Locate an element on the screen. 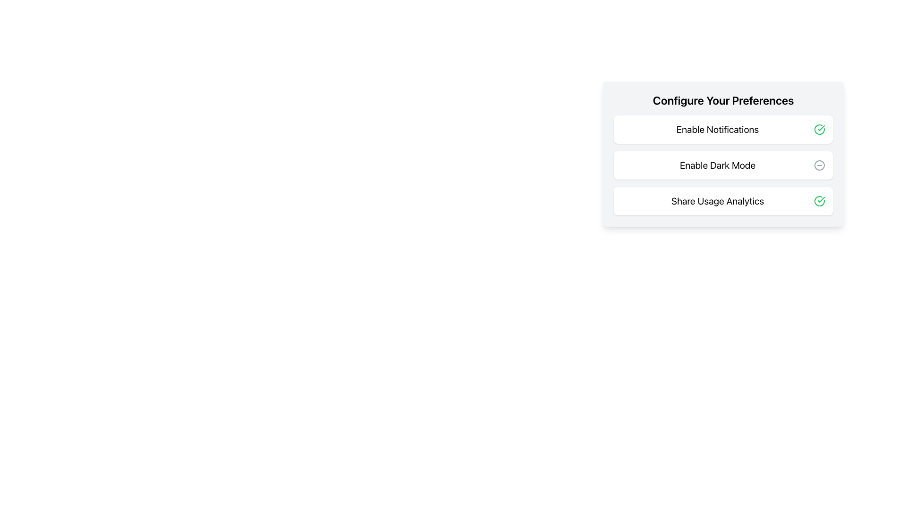 The height and width of the screenshot is (509, 906). the second selectable list item under 'Configure Your Preferences' is located at coordinates (722, 165).